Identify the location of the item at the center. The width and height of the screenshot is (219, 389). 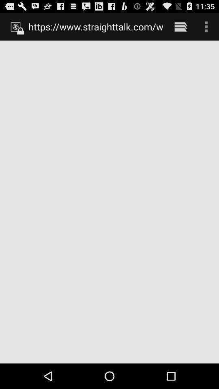
(109, 201).